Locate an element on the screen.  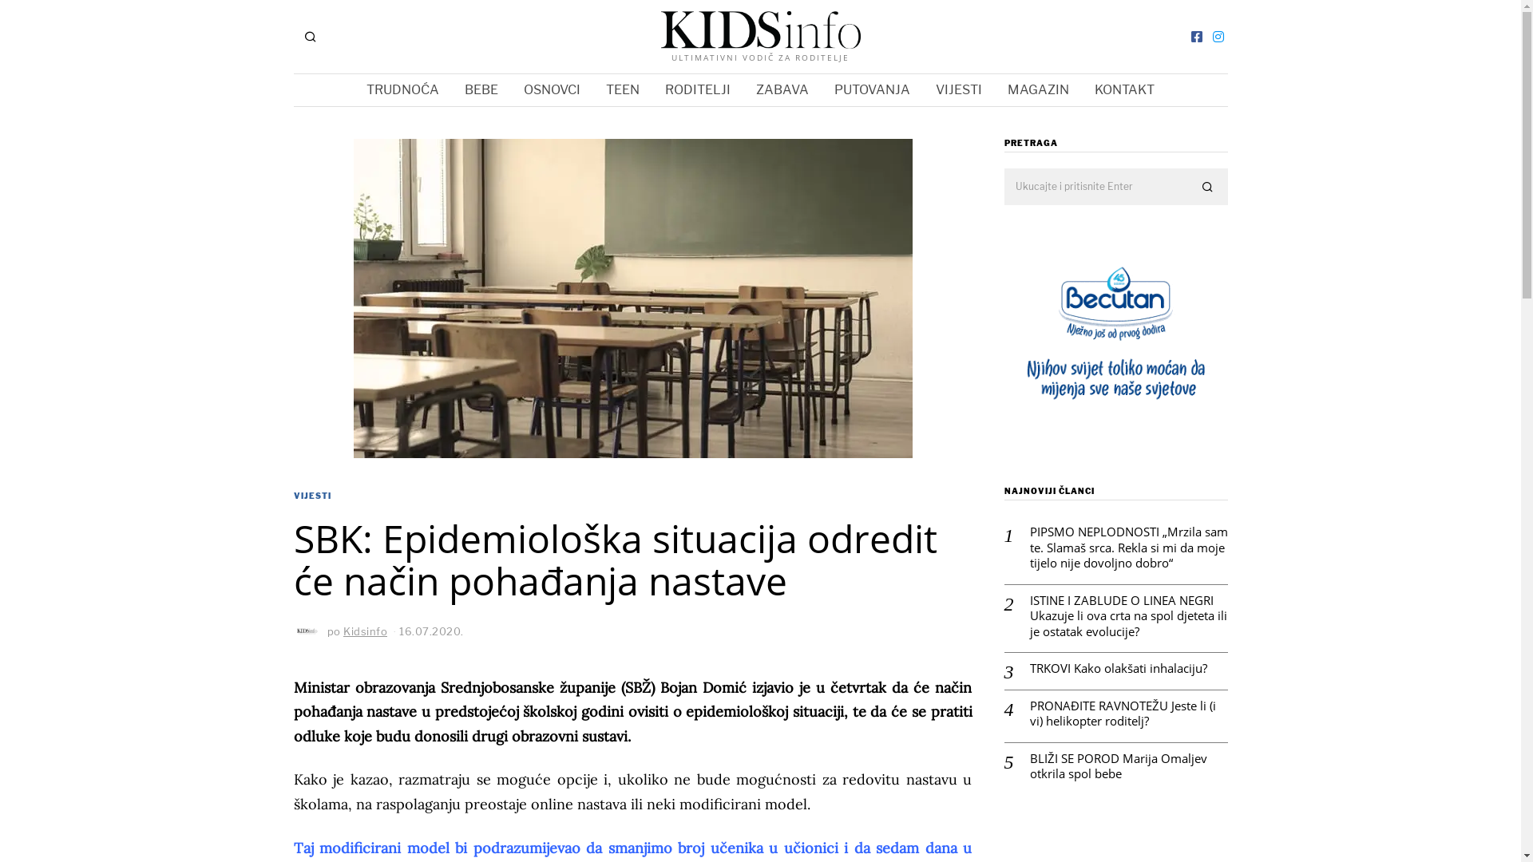
'ZABAVA' is located at coordinates (782, 89).